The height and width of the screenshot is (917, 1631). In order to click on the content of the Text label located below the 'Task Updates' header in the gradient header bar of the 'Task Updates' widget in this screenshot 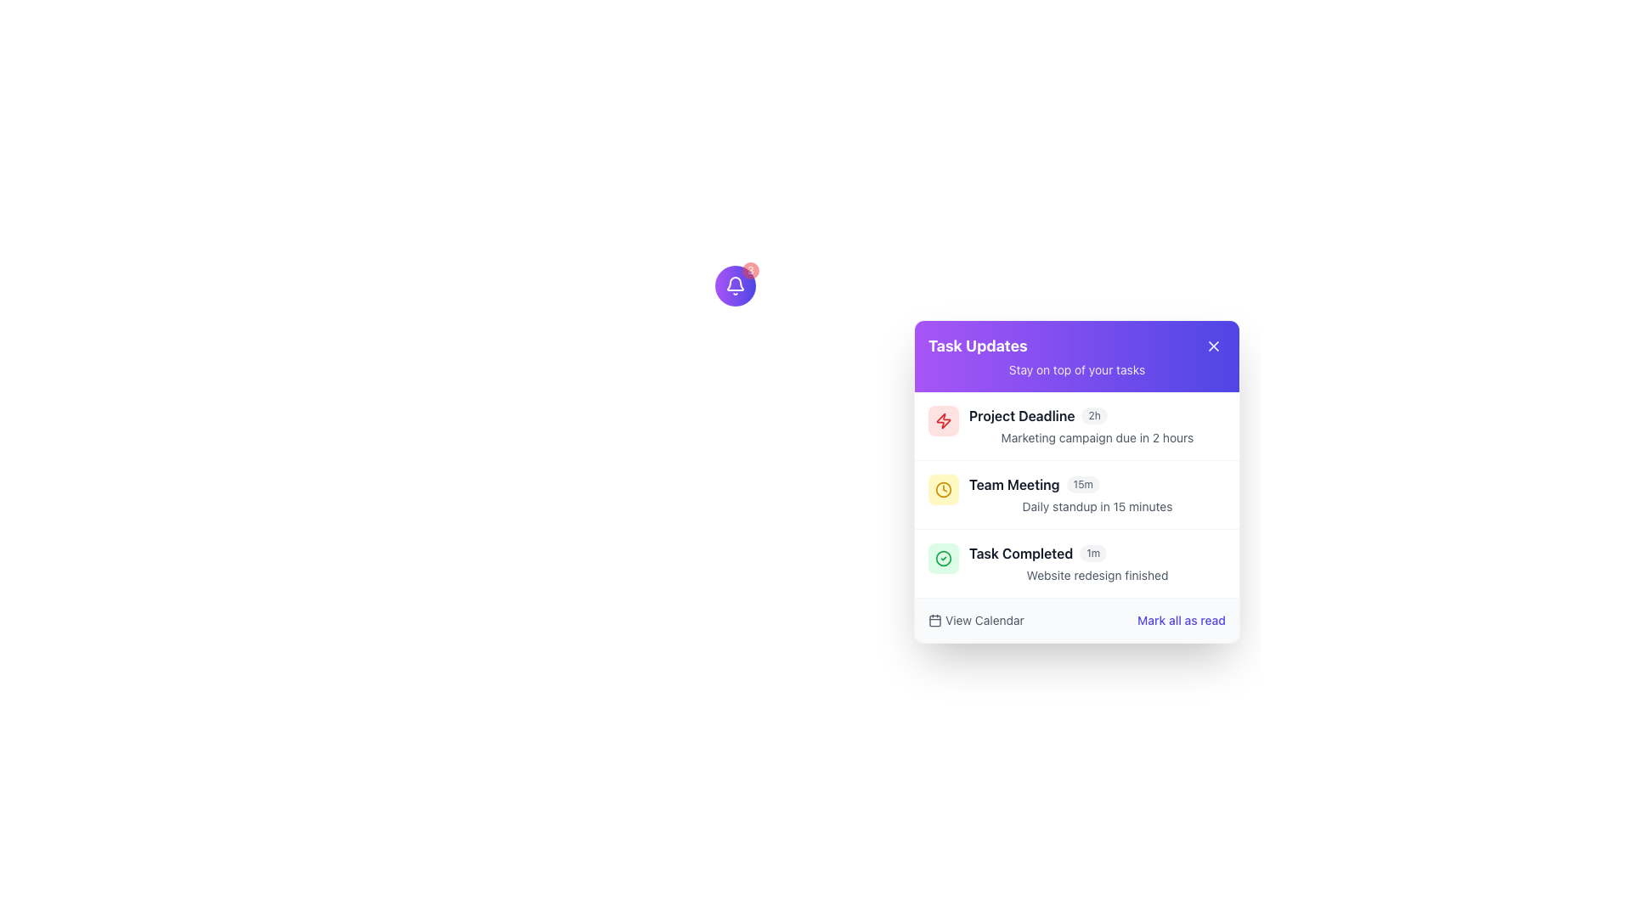, I will do `click(1075, 368)`.